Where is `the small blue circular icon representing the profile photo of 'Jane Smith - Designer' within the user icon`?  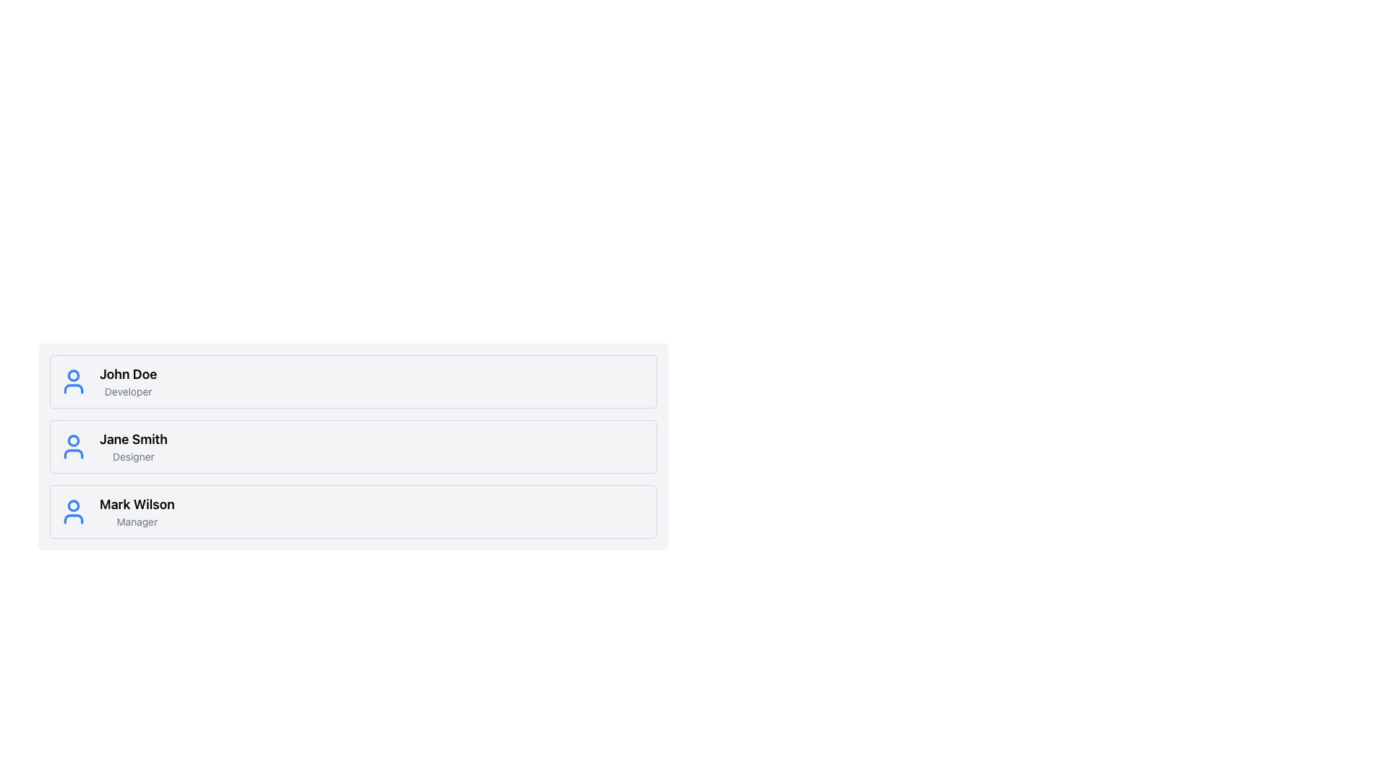 the small blue circular icon representing the profile photo of 'Jane Smith - Designer' within the user icon is located at coordinates (72, 440).